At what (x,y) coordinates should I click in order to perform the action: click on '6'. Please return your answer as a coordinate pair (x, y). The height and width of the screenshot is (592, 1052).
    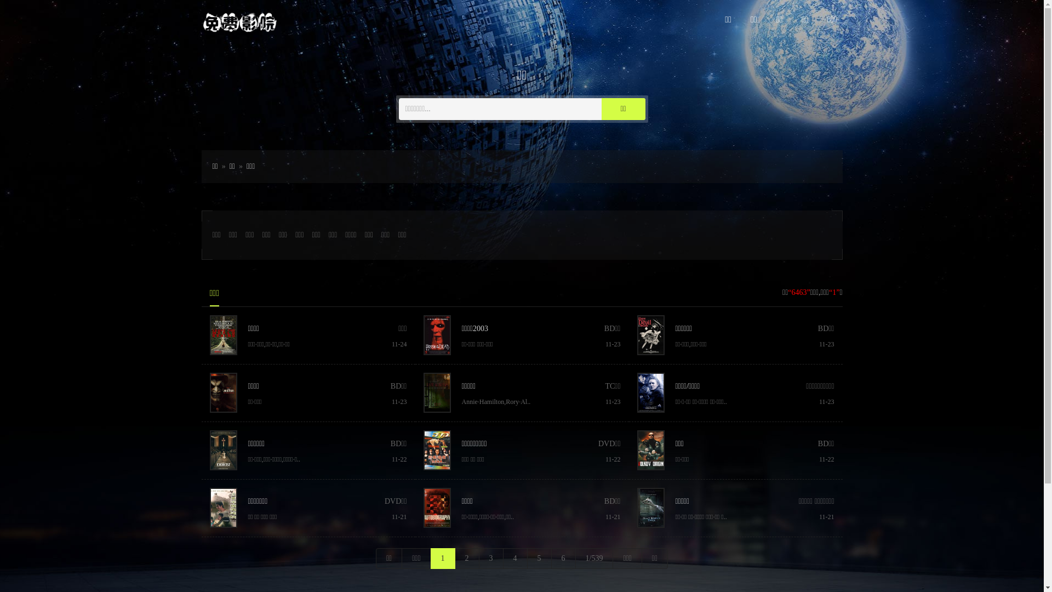
    Looking at the image, I should click on (551, 558).